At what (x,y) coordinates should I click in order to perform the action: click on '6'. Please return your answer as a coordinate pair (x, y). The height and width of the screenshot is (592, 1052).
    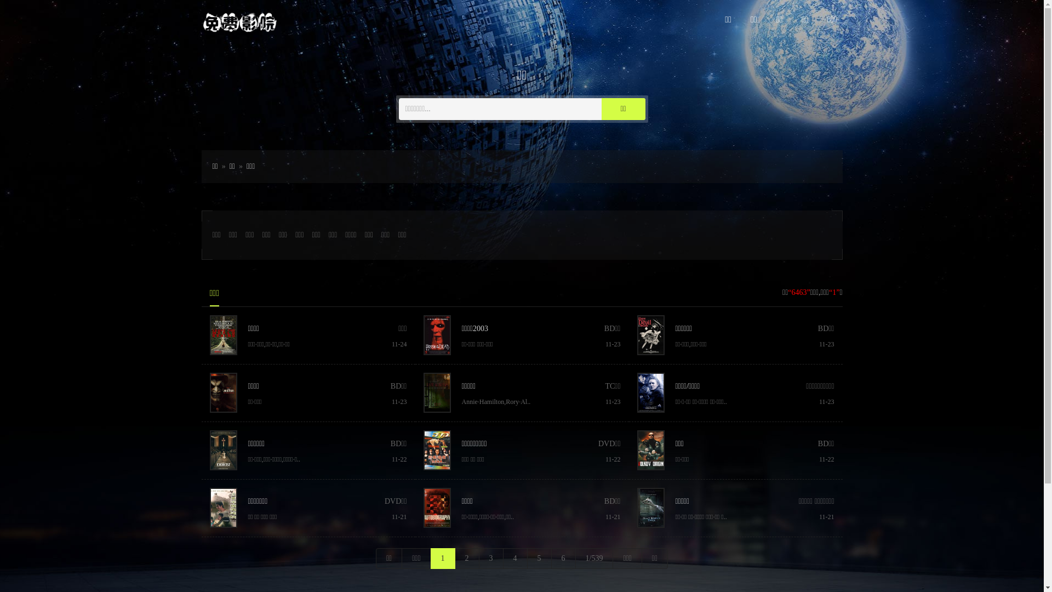
    Looking at the image, I should click on (551, 558).